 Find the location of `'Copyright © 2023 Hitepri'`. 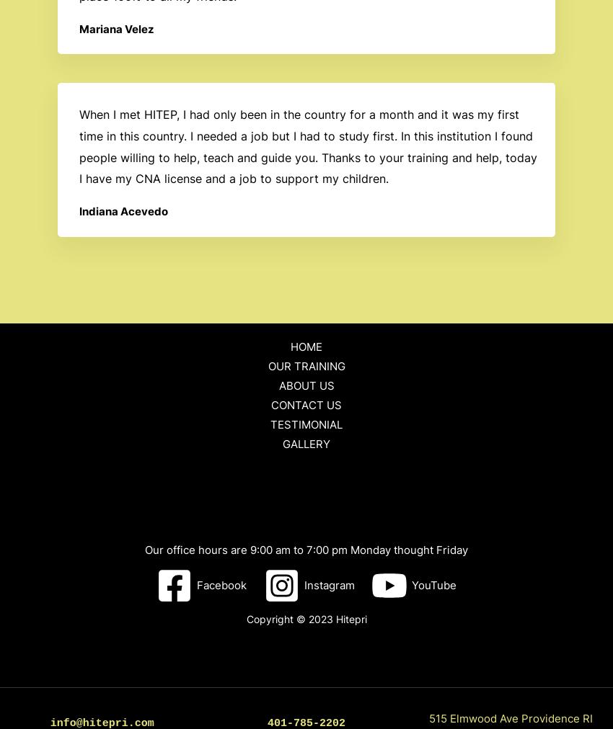

'Copyright © 2023 Hitepri' is located at coordinates (245, 618).